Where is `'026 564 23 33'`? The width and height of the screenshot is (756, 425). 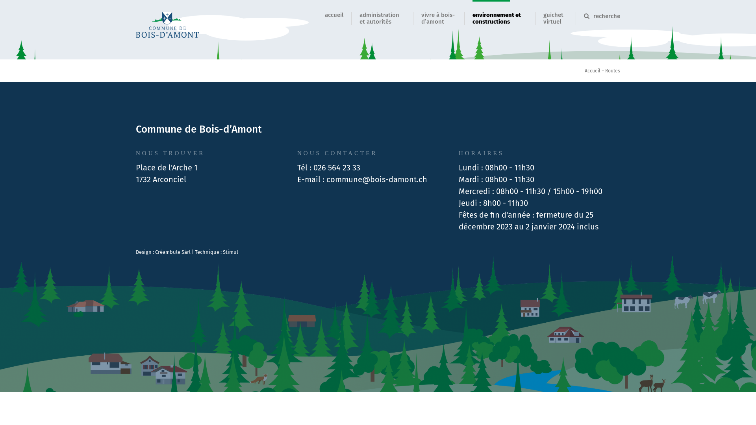 '026 564 23 33' is located at coordinates (337, 166).